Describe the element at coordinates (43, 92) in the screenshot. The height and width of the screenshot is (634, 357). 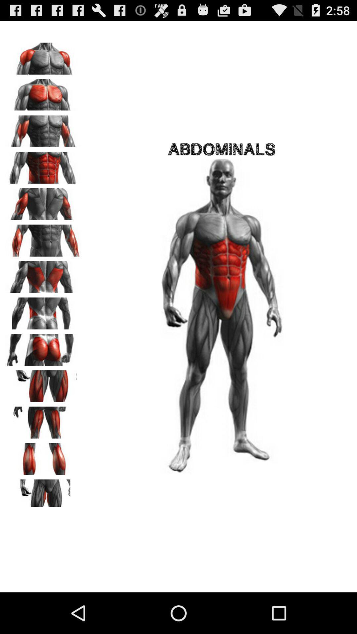
I see `highlight pectorals` at that location.